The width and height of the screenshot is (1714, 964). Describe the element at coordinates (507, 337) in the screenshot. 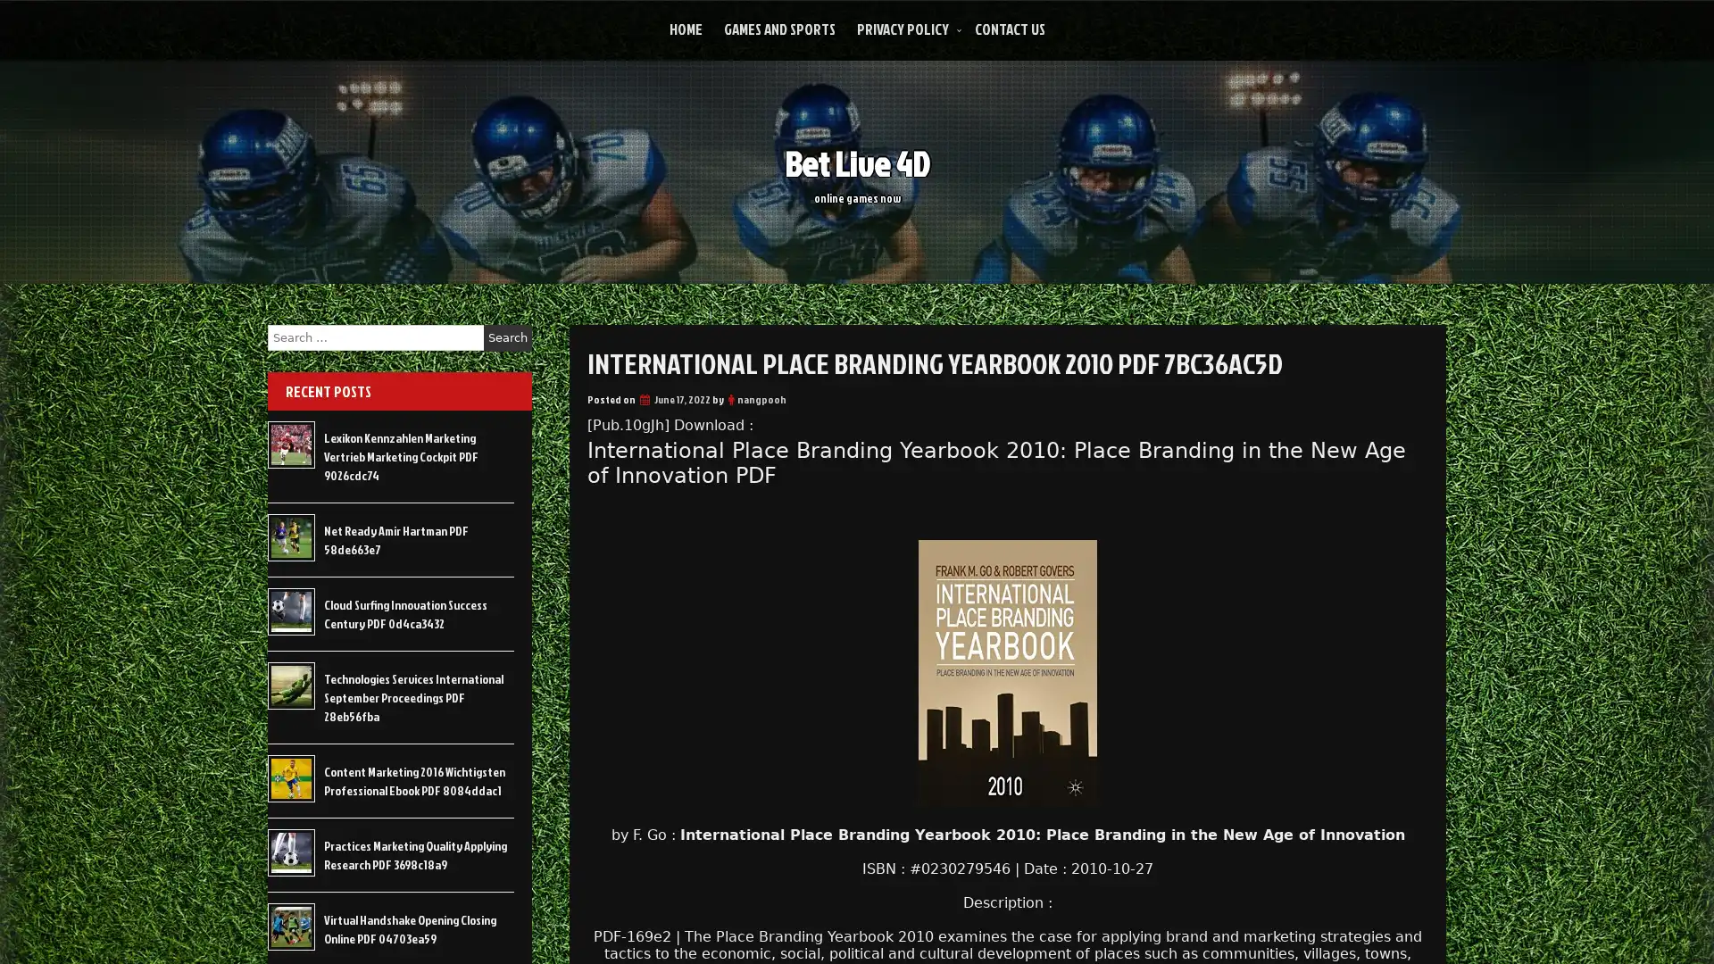

I see `Search` at that location.